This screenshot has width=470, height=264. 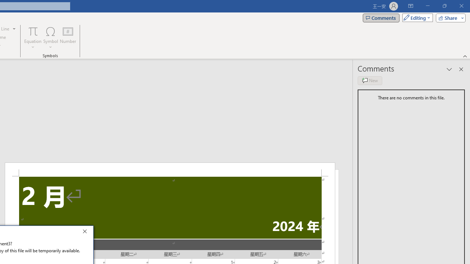 I want to click on 'Header -Section 2-', so click(x=169, y=169).